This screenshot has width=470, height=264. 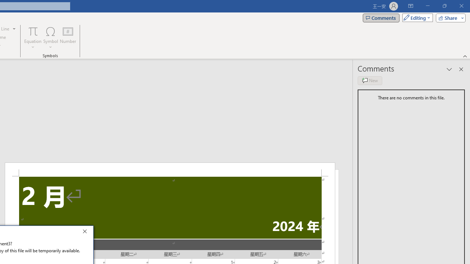 I want to click on 'Header -Section 2-', so click(x=169, y=169).